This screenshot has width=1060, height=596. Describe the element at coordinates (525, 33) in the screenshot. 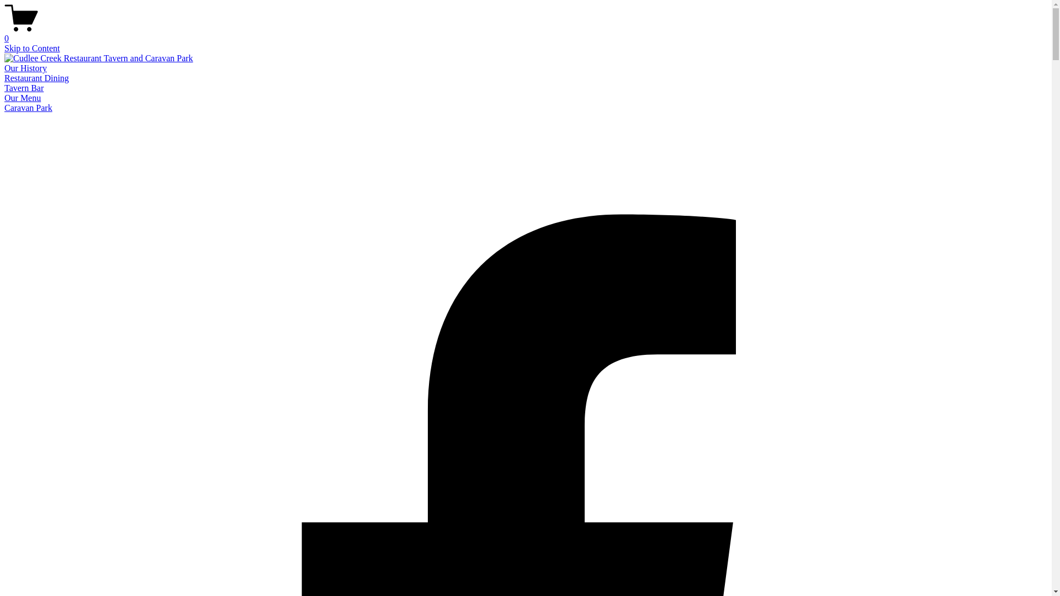

I see `'0'` at that location.